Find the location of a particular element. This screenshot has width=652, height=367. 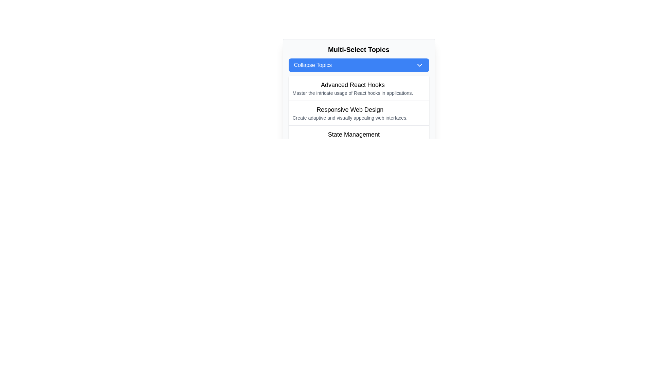

the first item in the 'Multi-Select Topics' list, which is titled 'Advanced React Hooks' and contains a subtitle about mastering React hooks is located at coordinates (358, 88).